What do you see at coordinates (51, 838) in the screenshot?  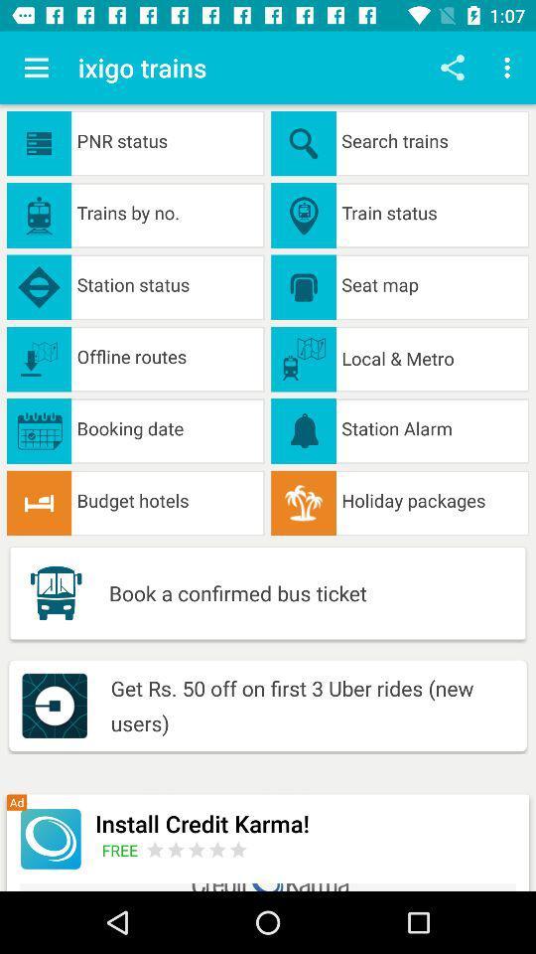 I see `install credit karma` at bounding box center [51, 838].